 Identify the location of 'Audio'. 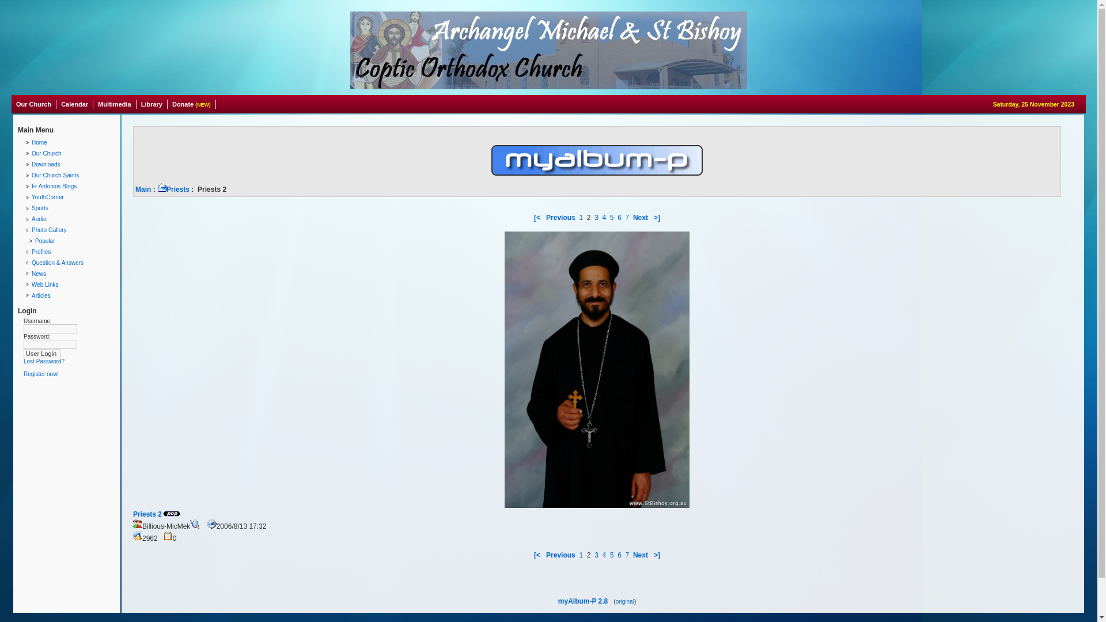
(69, 219).